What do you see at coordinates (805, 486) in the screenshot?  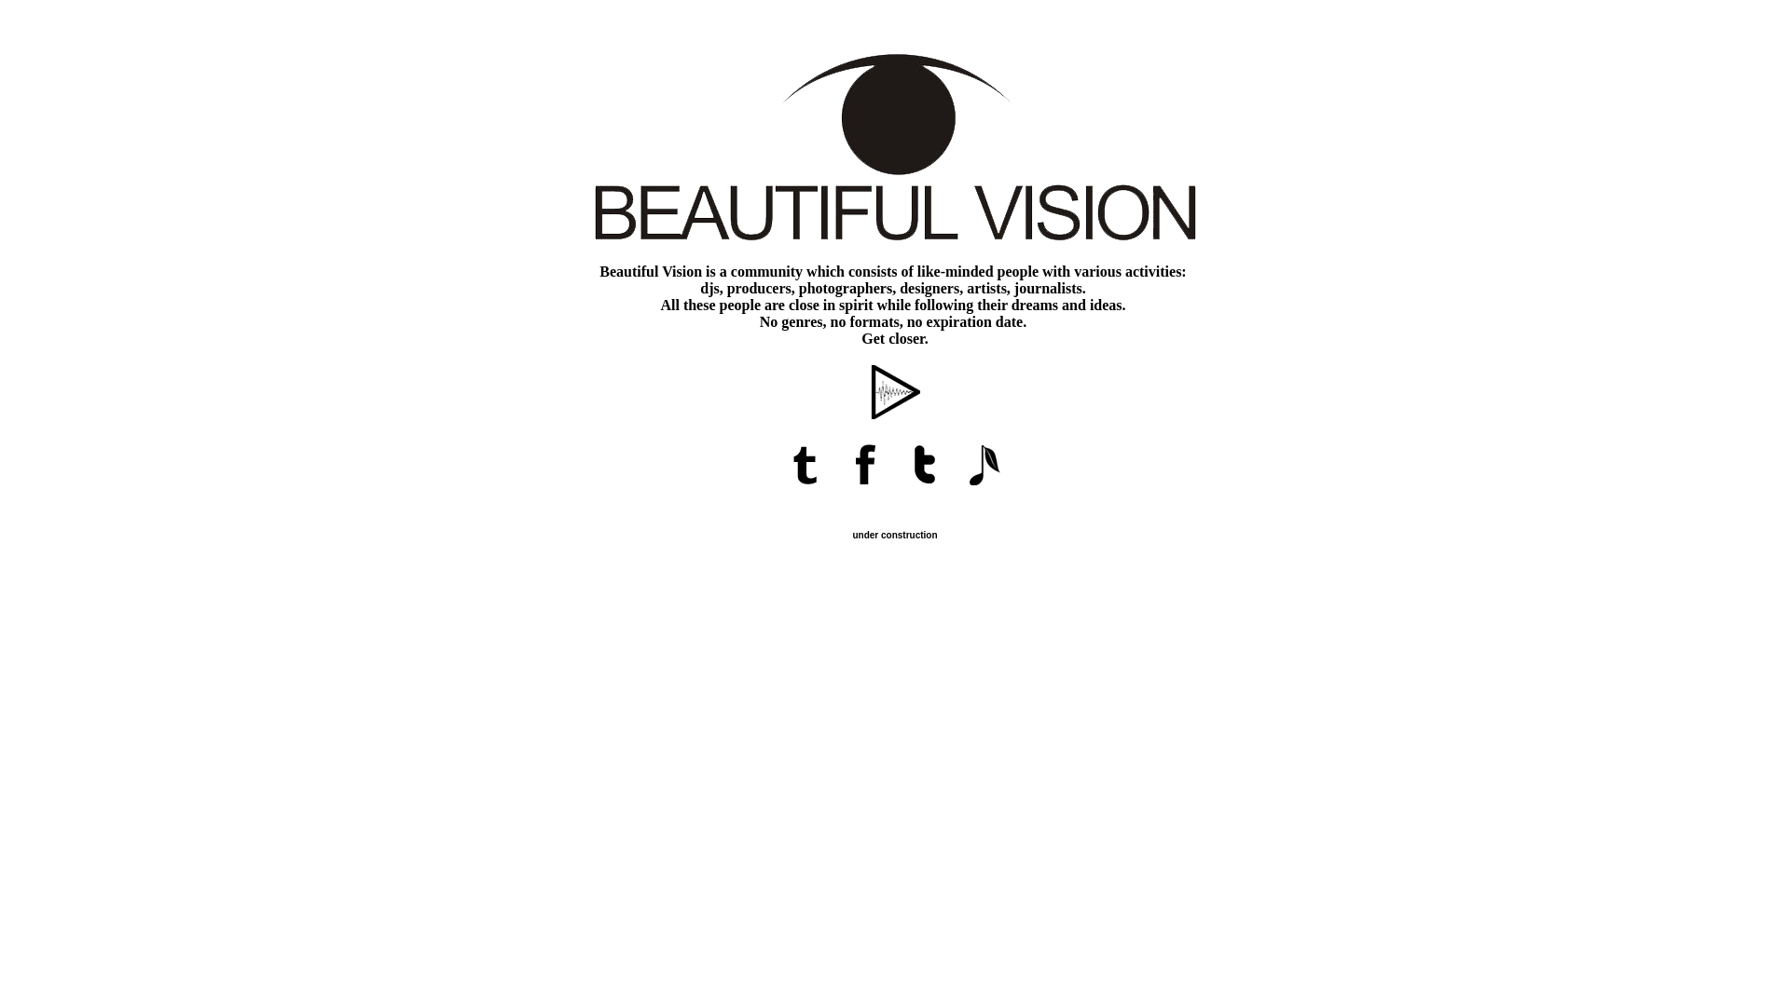 I see `'Beautiful Vision Magazine'` at bounding box center [805, 486].